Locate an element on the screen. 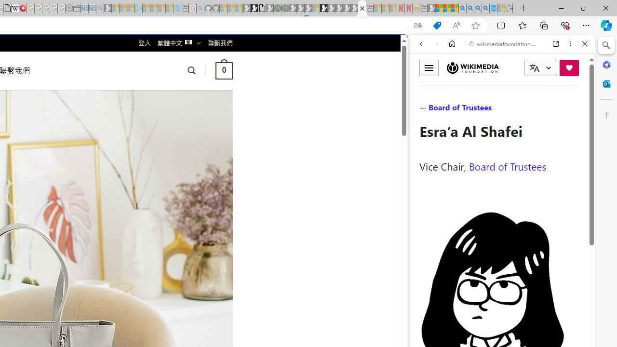  'Target page - Wikipedia' is located at coordinates (15, 8).